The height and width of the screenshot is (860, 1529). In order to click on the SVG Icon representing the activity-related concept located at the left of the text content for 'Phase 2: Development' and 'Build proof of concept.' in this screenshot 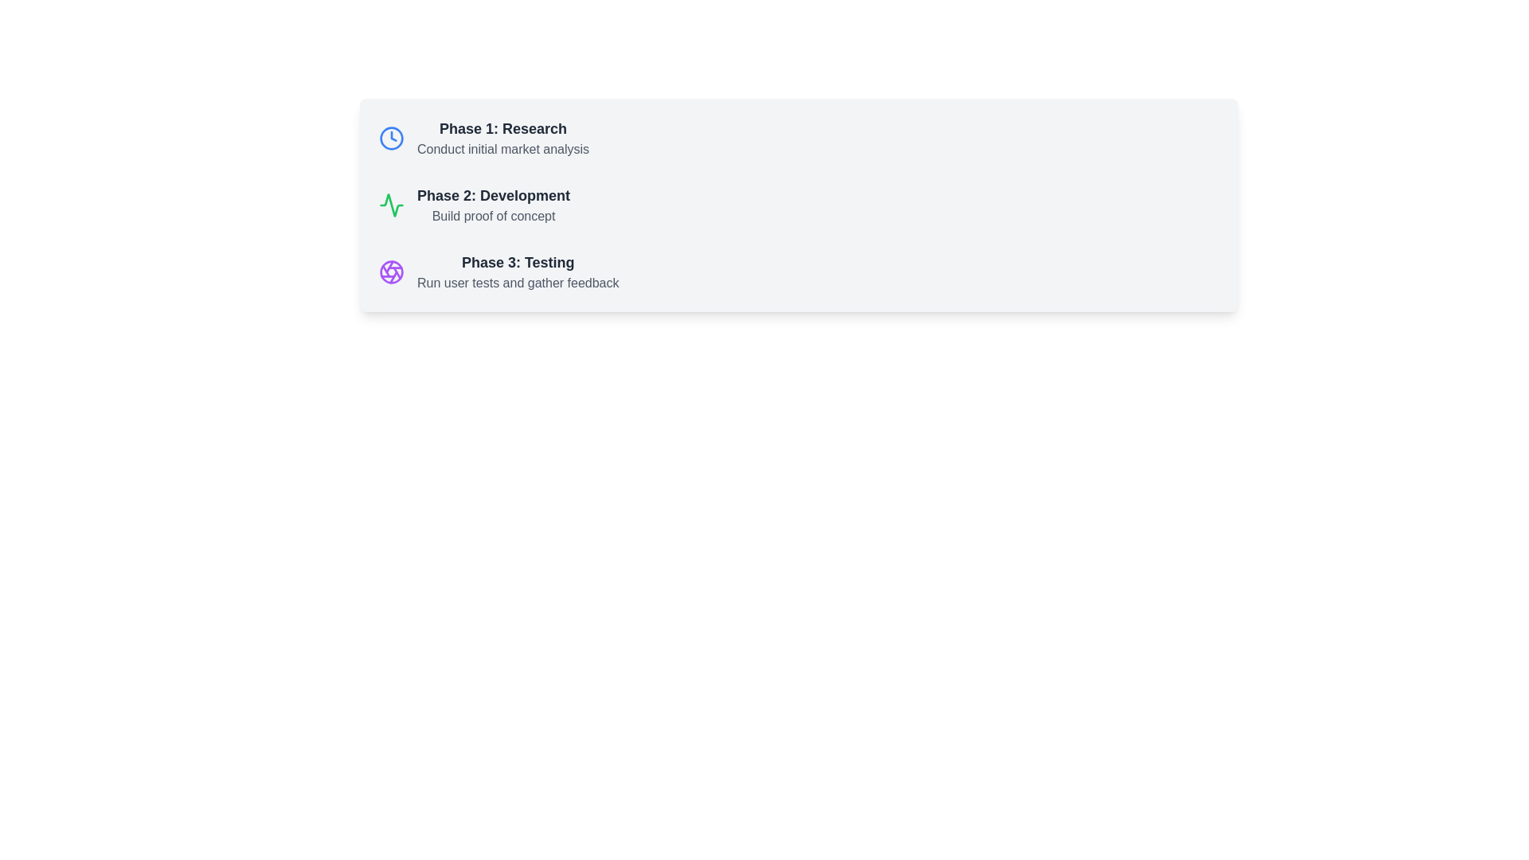, I will do `click(391, 205)`.